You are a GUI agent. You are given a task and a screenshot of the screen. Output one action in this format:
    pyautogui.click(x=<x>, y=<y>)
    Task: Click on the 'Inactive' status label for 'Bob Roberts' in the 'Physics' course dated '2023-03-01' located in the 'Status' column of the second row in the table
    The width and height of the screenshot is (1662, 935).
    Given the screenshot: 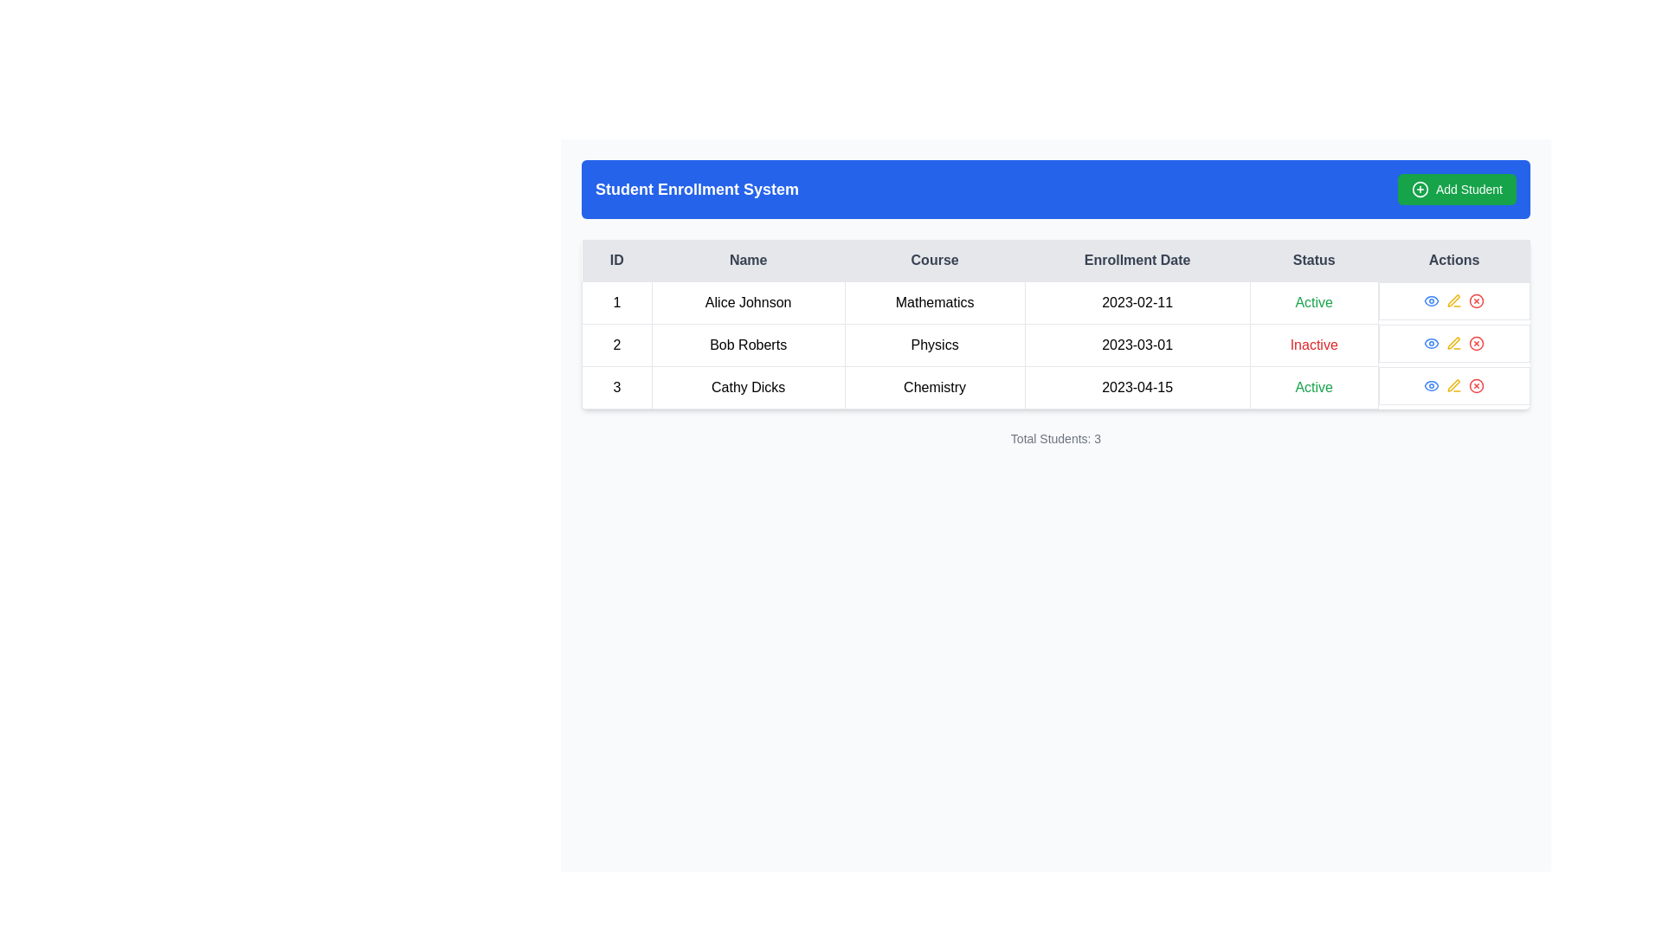 What is the action you would take?
    pyautogui.click(x=1314, y=345)
    